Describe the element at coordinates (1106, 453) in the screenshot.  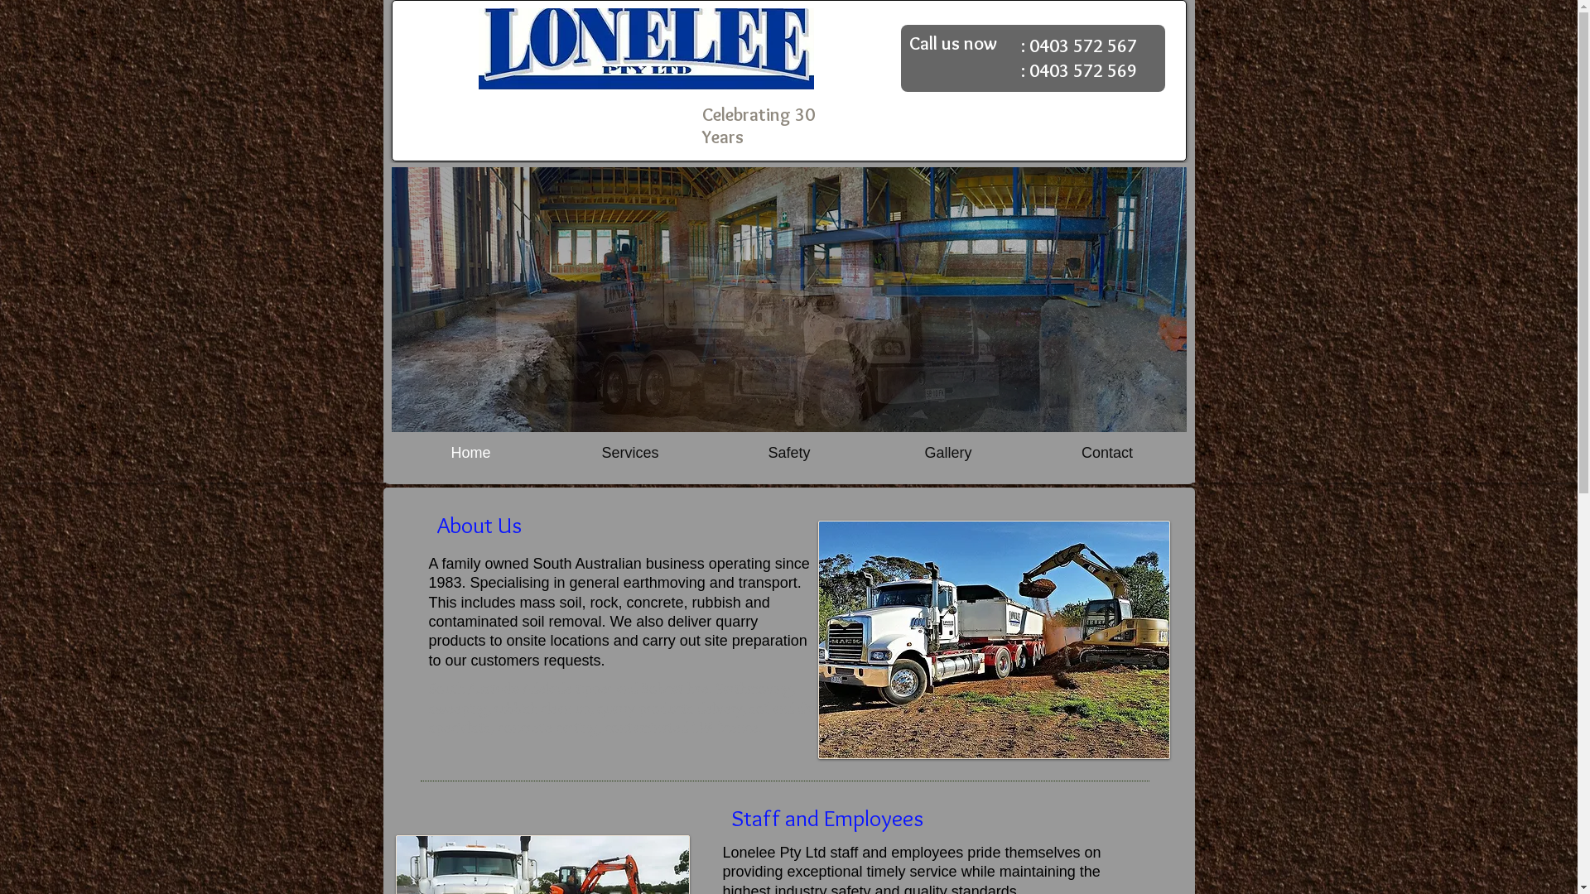
I see `'Contact'` at that location.